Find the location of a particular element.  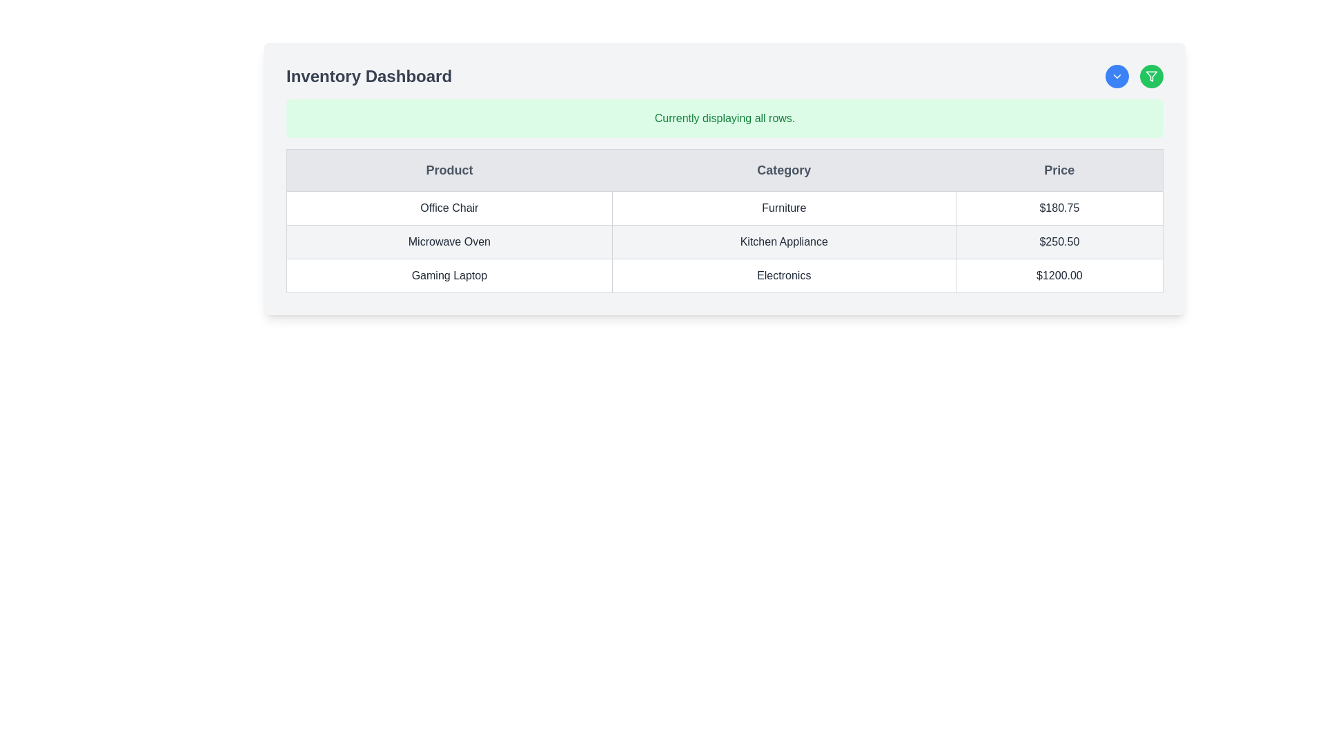

the icon located within the circular blue button in the top-right corner of the interface that serves dropdown or navigation purposes is located at coordinates (1117, 77).